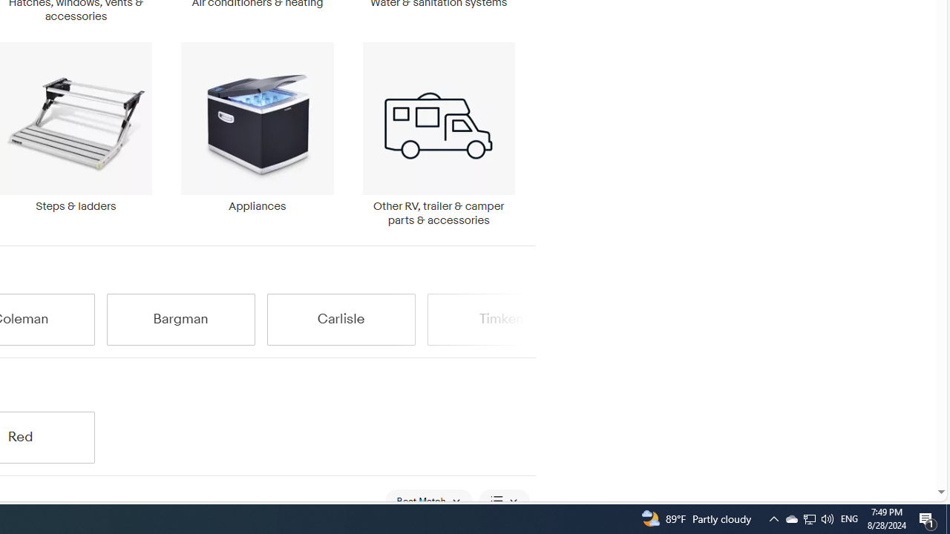 The width and height of the screenshot is (950, 534). I want to click on 'Appliances', so click(257, 127).